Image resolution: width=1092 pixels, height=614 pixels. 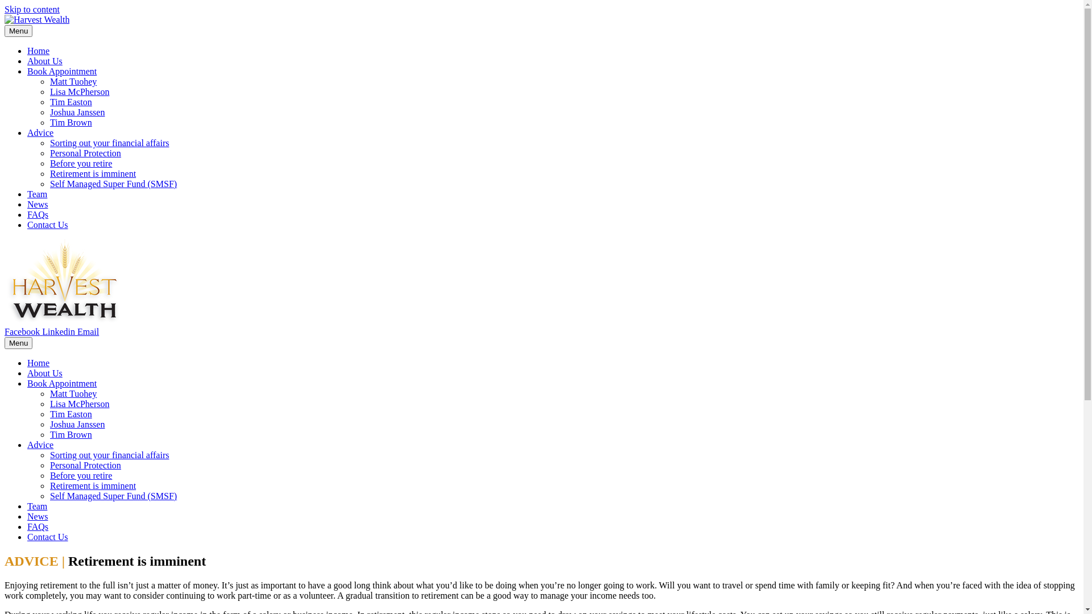 I want to click on 'Linkedin', so click(x=59, y=331).